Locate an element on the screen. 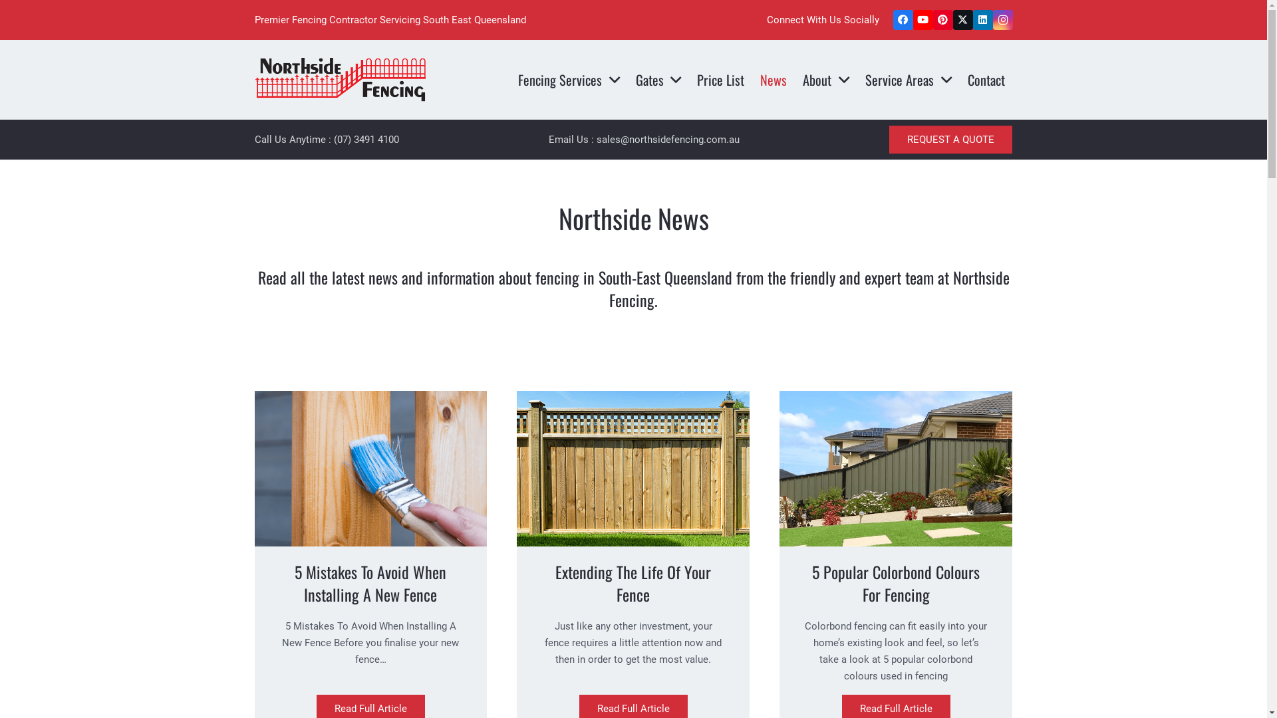 The width and height of the screenshot is (1277, 718). 'News' is located at coordinates (773, 79).